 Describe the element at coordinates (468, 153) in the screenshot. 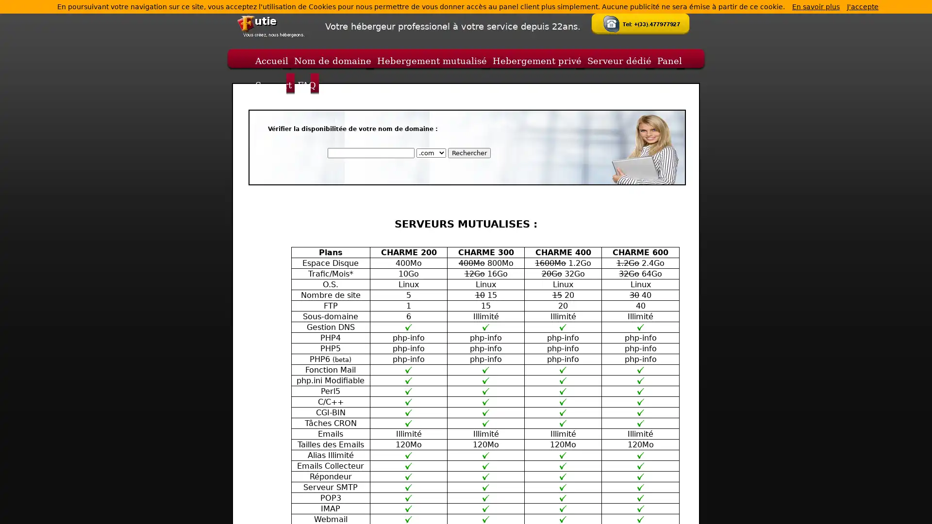

I see `Rechercher` at that location.